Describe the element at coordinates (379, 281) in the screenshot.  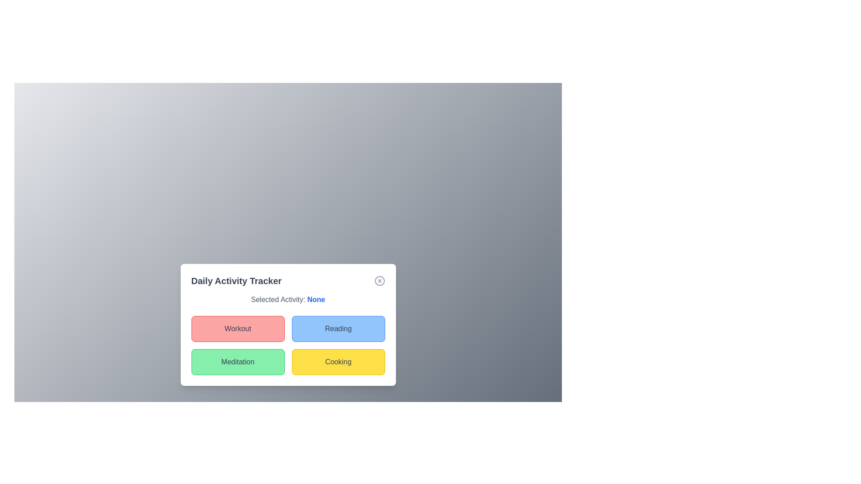
I see `the close icon to close the dialog` at that location.